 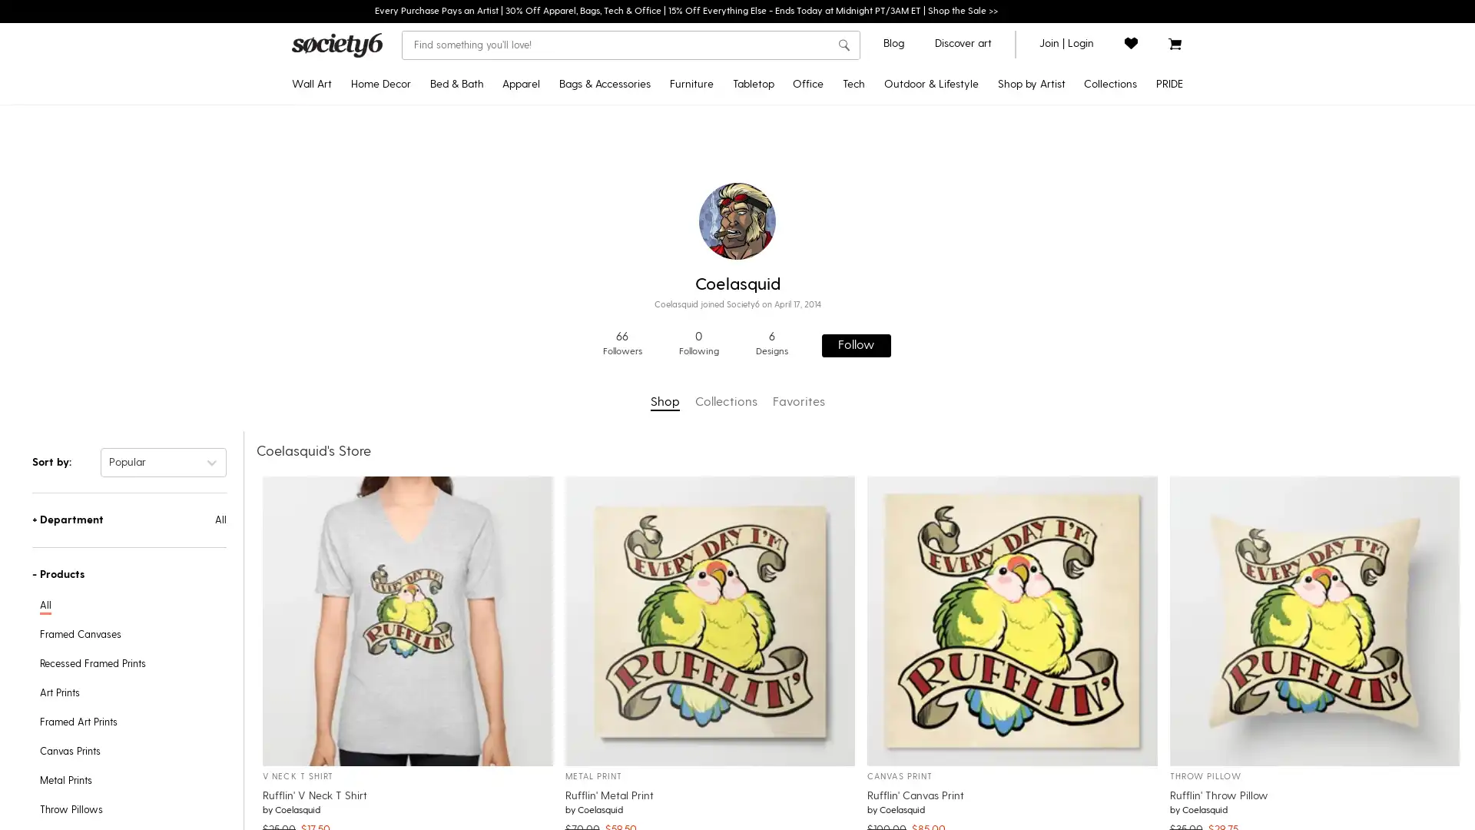 What do you see at coordinates (989, 222) in the screenshot?
I see `Discover AAPI Artists` at bounding box center [989, 222].